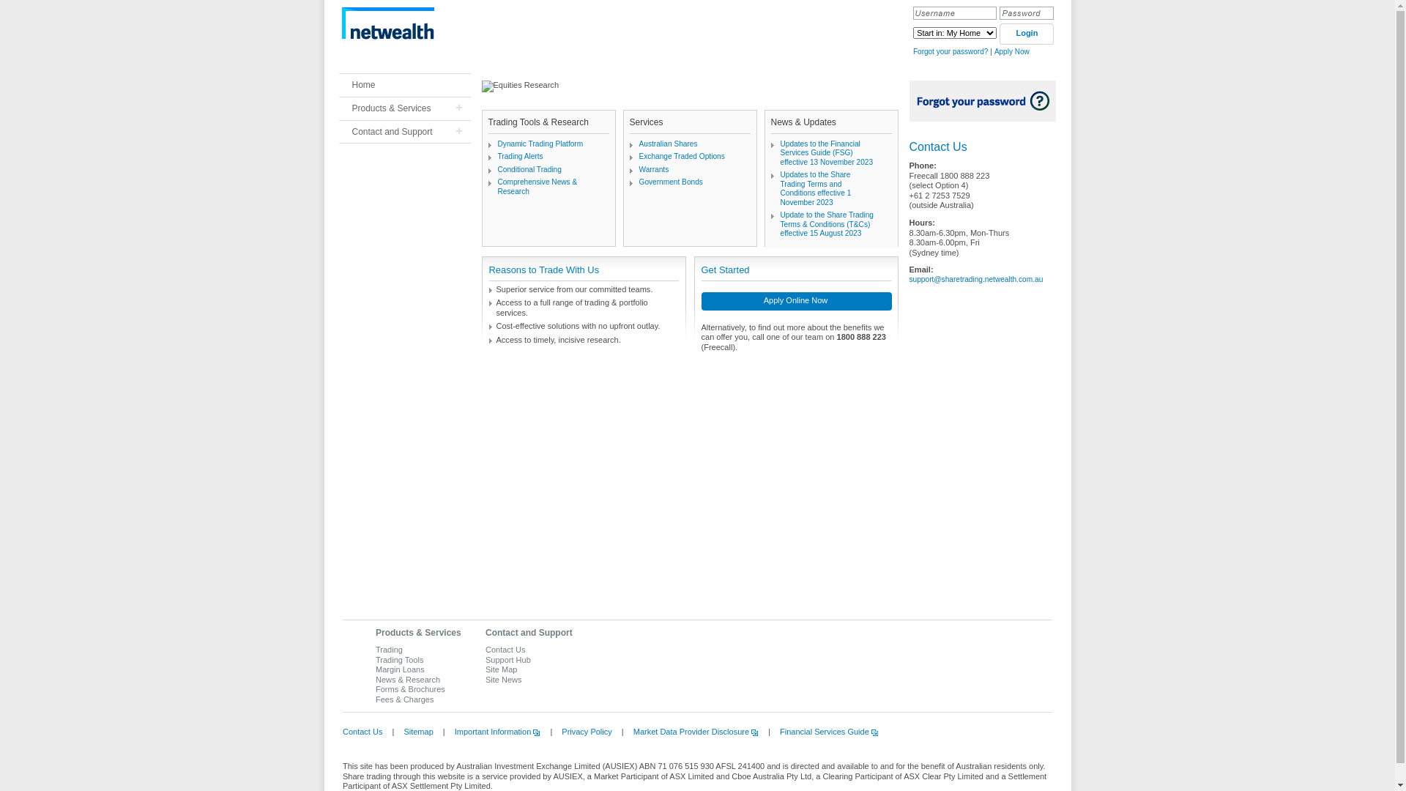 This screenshot has height=791, width=1406. Describe the element at coordinates (528, 632) in the screenshot. I see `'Contact and Support'` at that location.